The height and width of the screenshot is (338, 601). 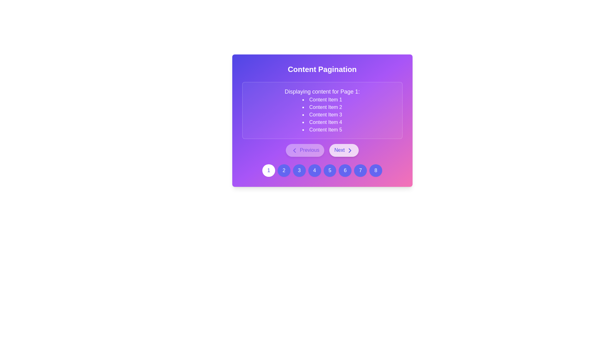 What do you see at coordinates (322, 69) in the screenshot?
I see `the header text indicating the theme or purpose of the interface related to content pagination, located at the top of the gradient-colored box` at bounding box center [322, 69].